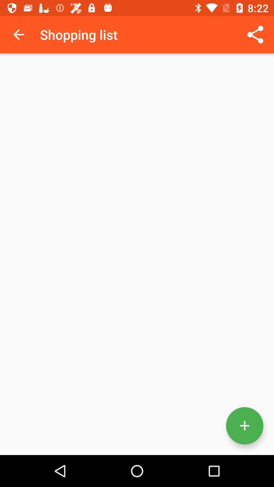  What do you see at coordinates (244, 426) in the screenshot?
I see `the icon at the bottom right corner` at bounding box center [244, 426].